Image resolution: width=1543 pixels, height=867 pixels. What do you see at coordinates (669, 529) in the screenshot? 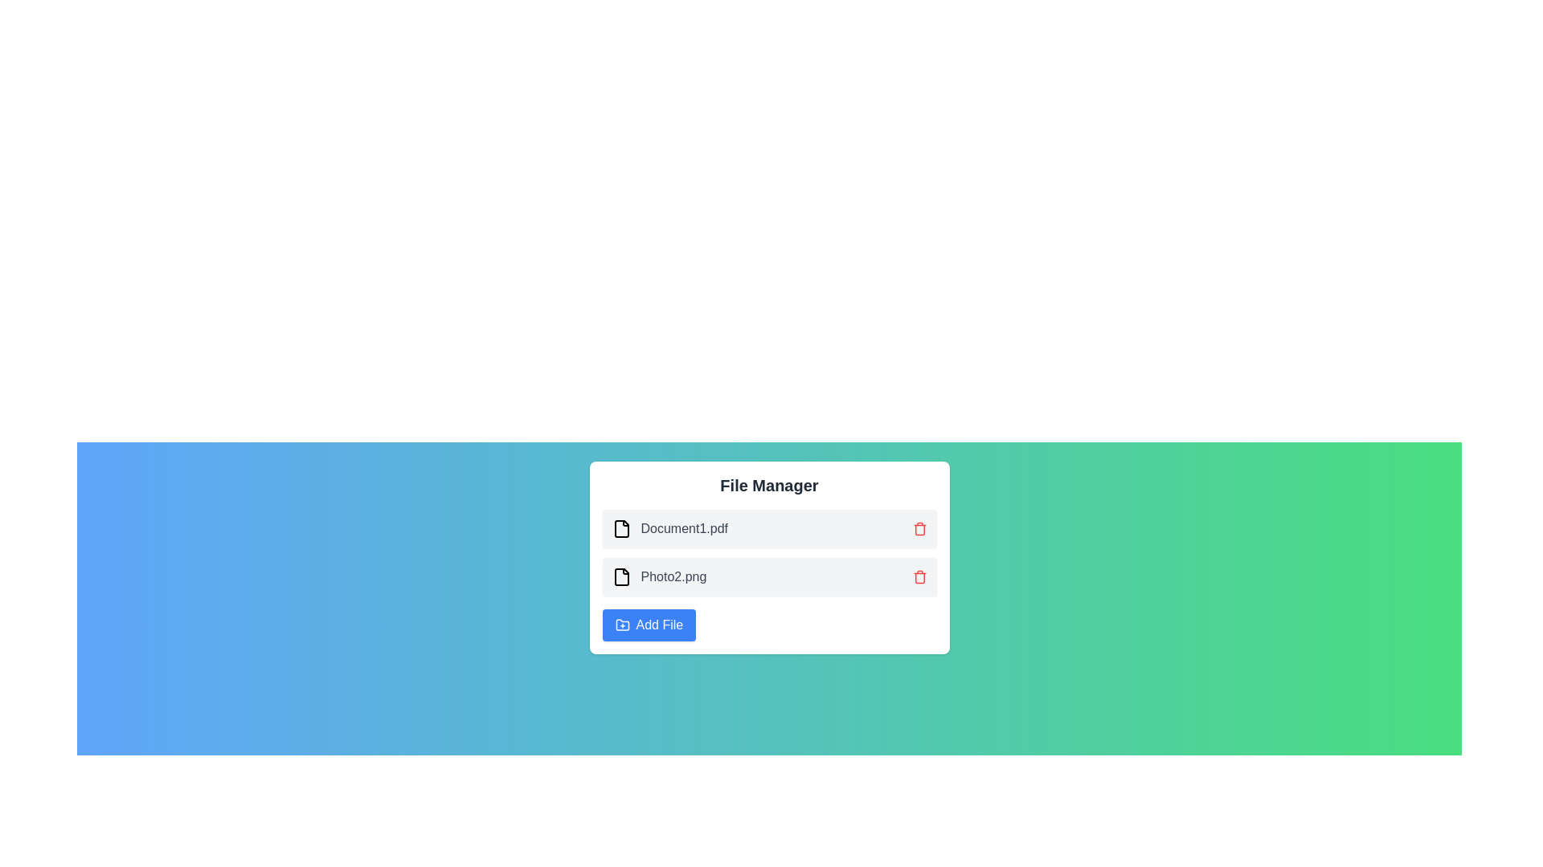
I see `the text label displaying the file name 'Document1.pdf', which is the first file entry in the file list under the 'File Manager' heading` at bounding box center [669, 529].